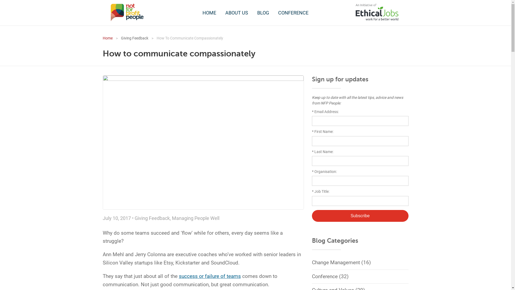 This screenshot has height=290, width=515. Describe the element at coordinates (209, 12) in the screenshot. I see `'HOME'` at that location.